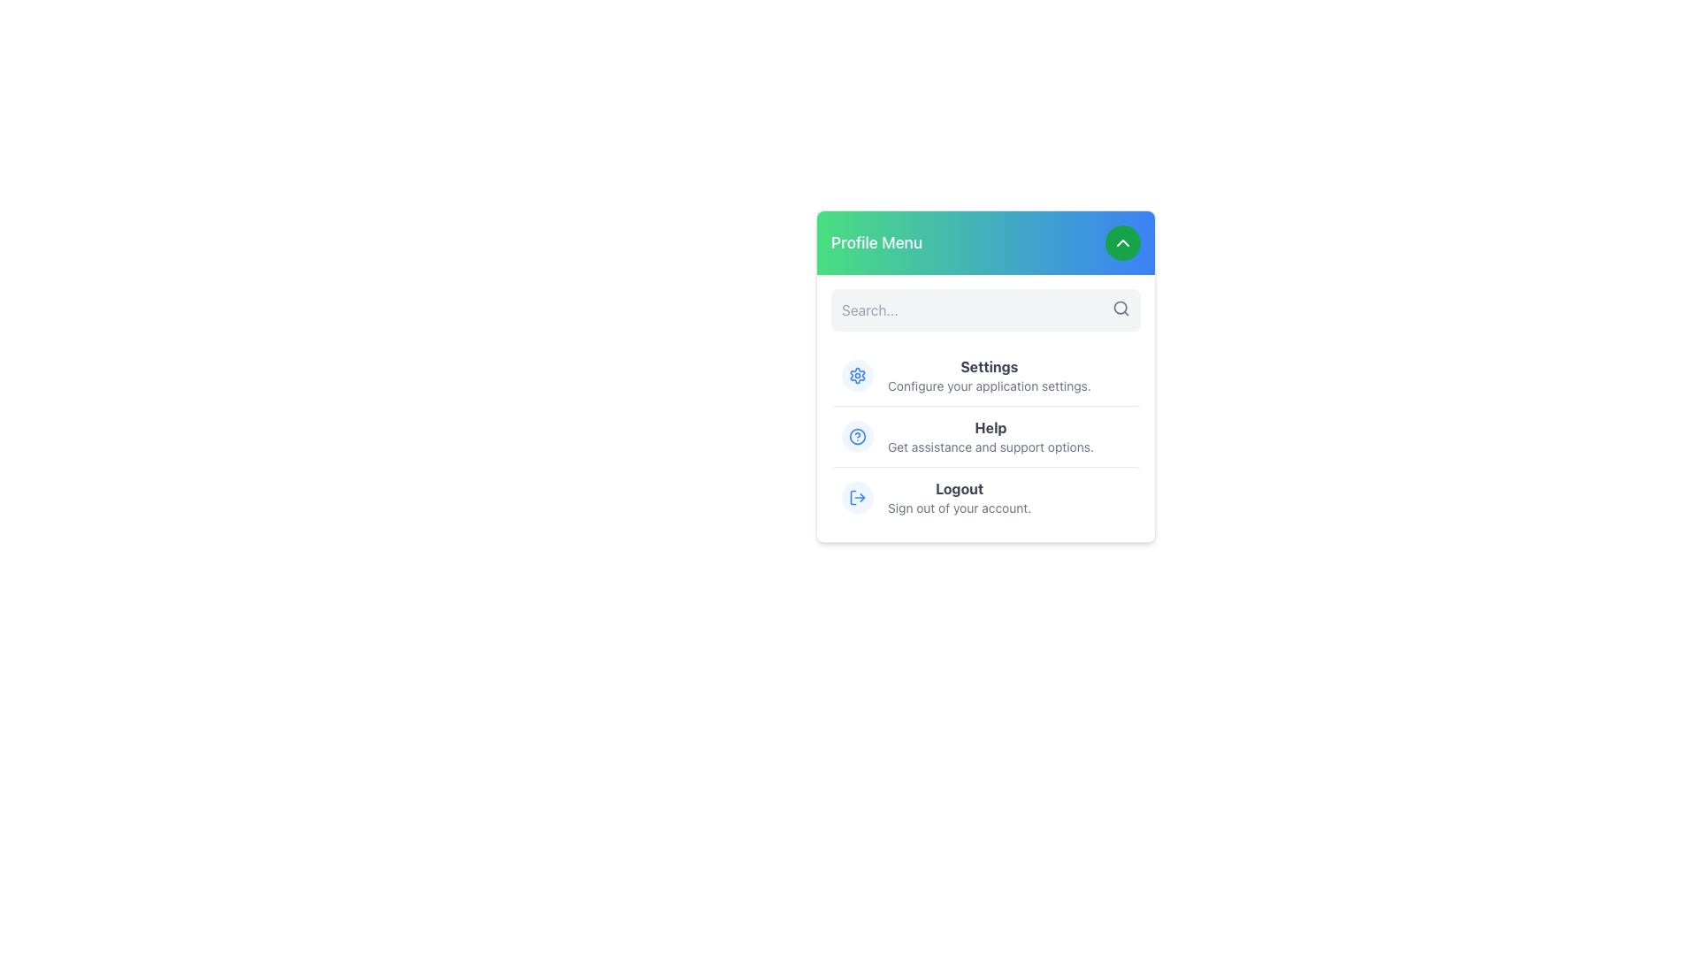 Image resolution: width=1698 pixels, height=955 pixels. I want to click on the 'Logout' text element located in the 'Profile Menu' section of the menu panel, so click(959, 498).